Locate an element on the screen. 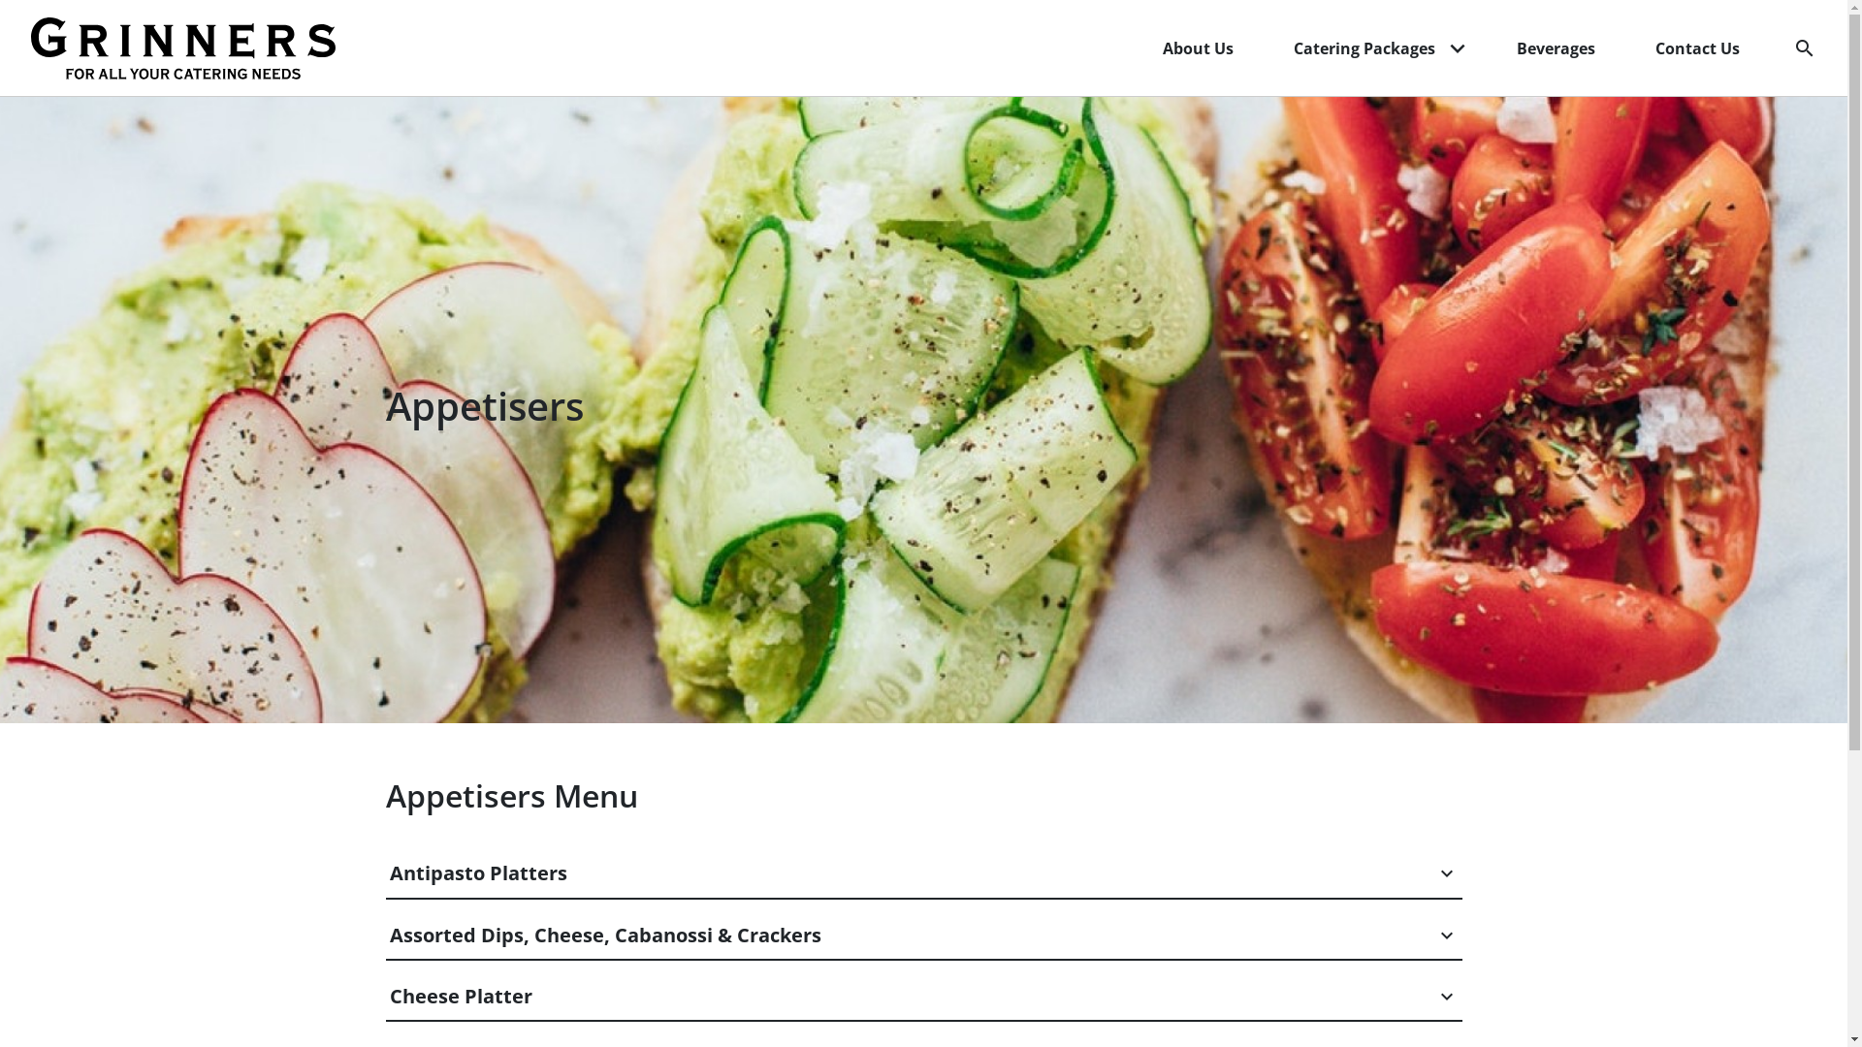 The height and width of the screenshot is (1047, 1862). 'Contact Us' is located at coordinates (1638, 48).